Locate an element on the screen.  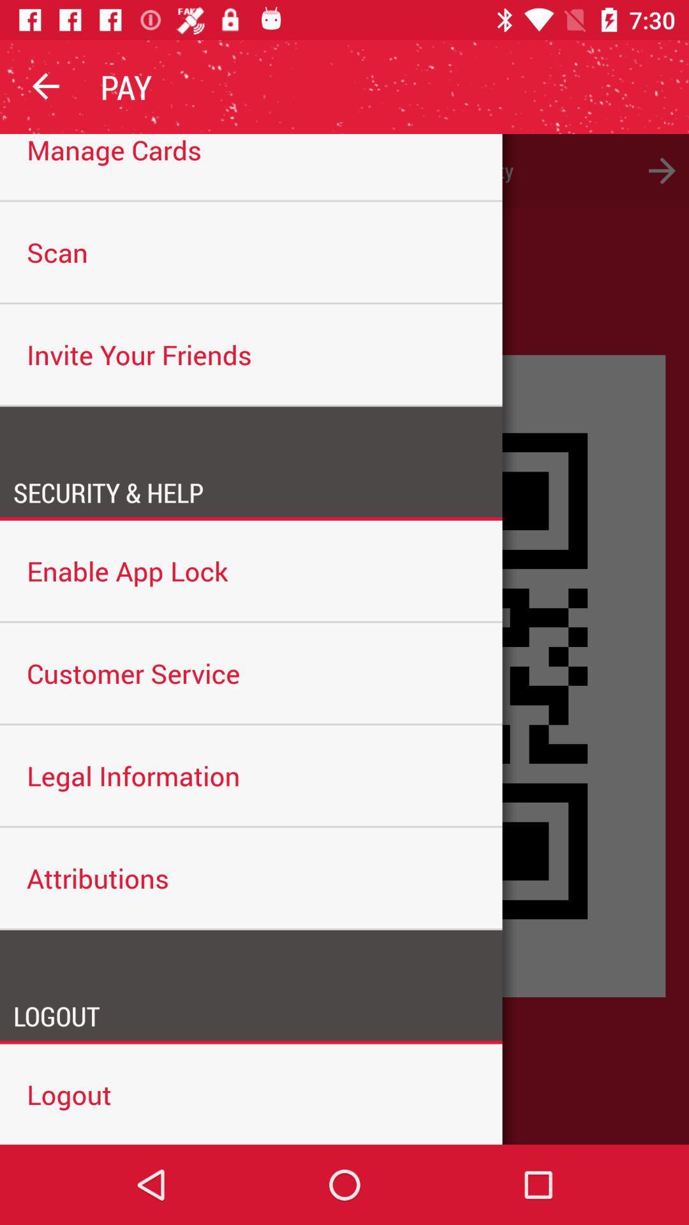
the please add a item is located at coordinates (344, 170).